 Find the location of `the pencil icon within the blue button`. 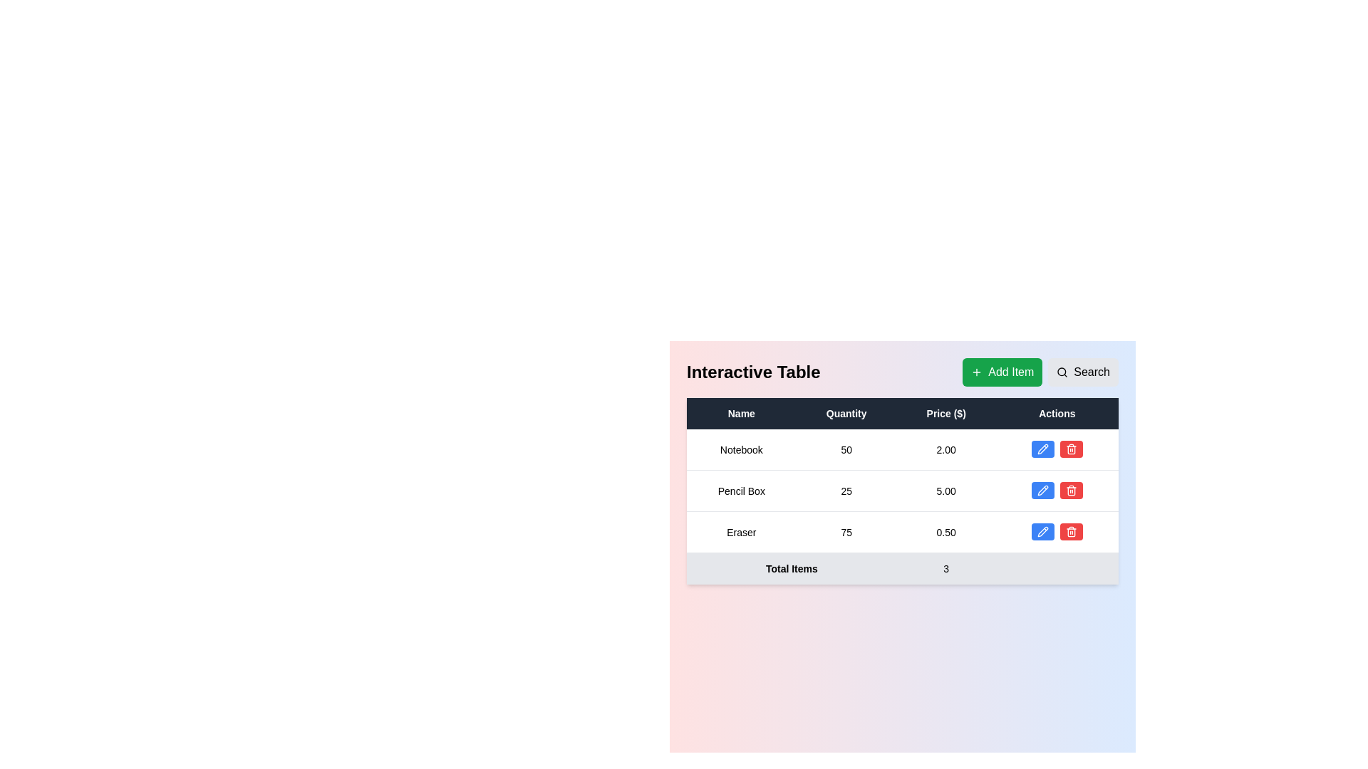

the pencil icon within the blue button is located at coordinates (1042, 490).